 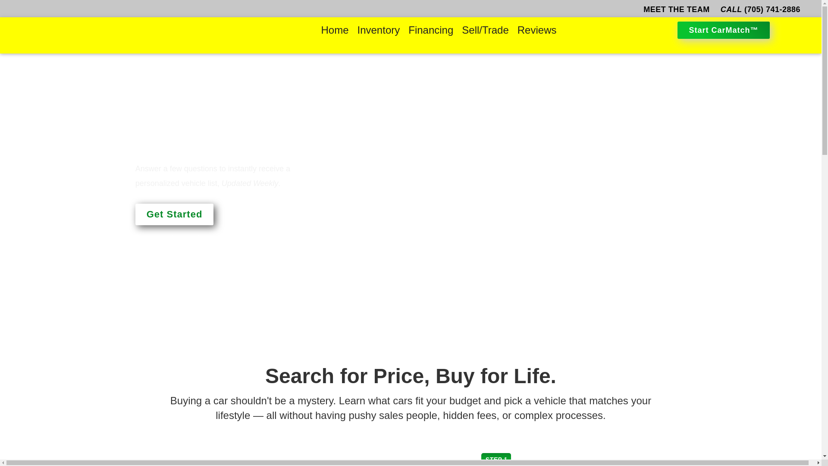 I want to click on 'Sell/Trade', so click(x=457, y=29).